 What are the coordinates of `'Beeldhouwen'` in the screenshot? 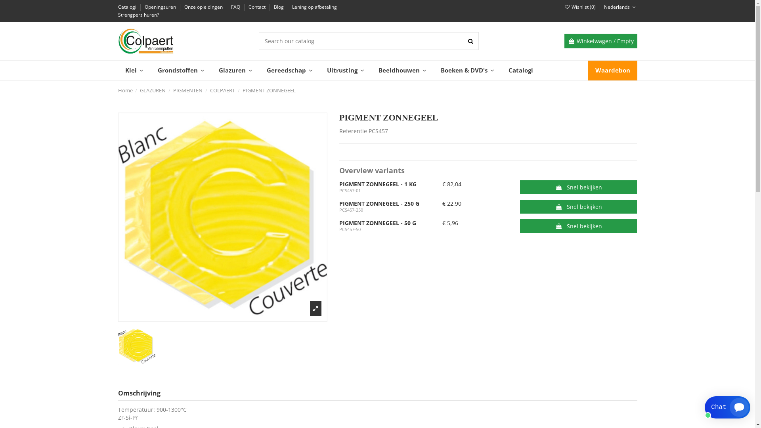 It's located at (371, 70).